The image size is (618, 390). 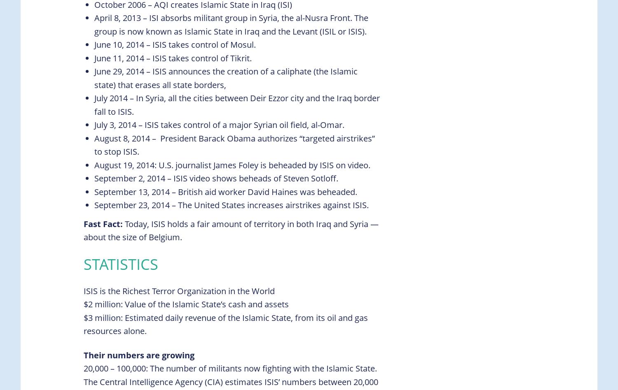 What do you see at coordinates (225, 191) in the screenshot?
I see `'September 13, 2014 – British aid worker David Haines was beheaded.'` at bounding box center [225, 191].